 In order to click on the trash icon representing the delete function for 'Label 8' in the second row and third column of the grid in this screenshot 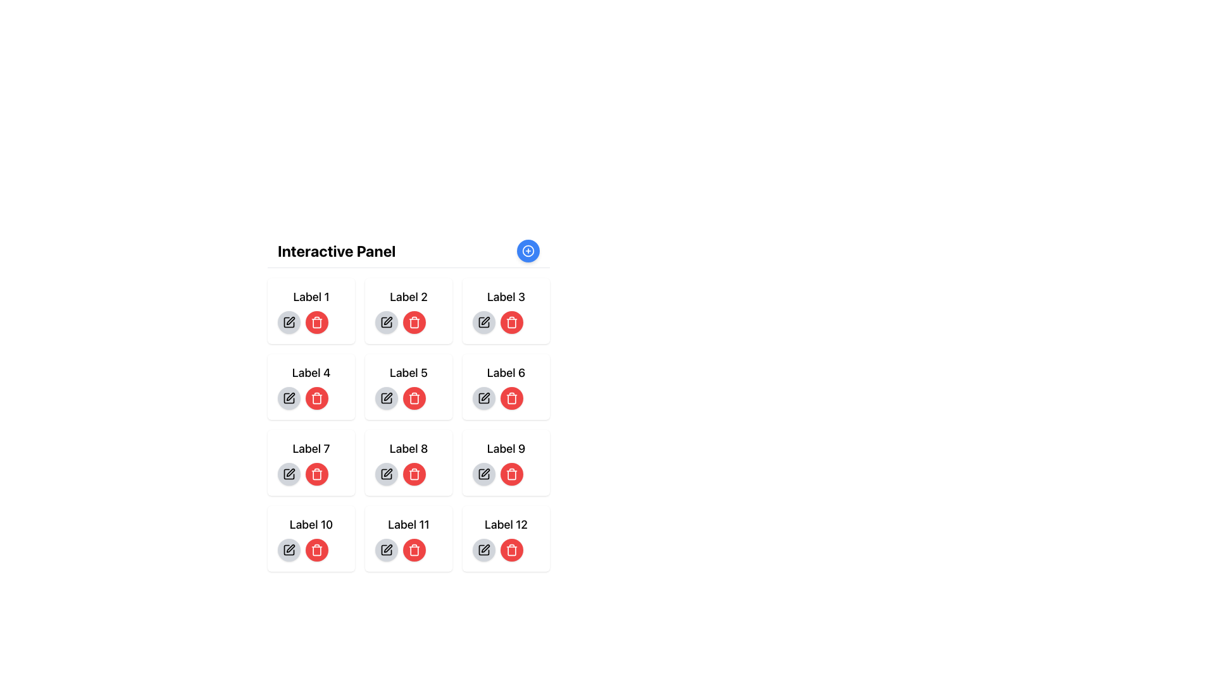, I will do `click(414, 475)`.